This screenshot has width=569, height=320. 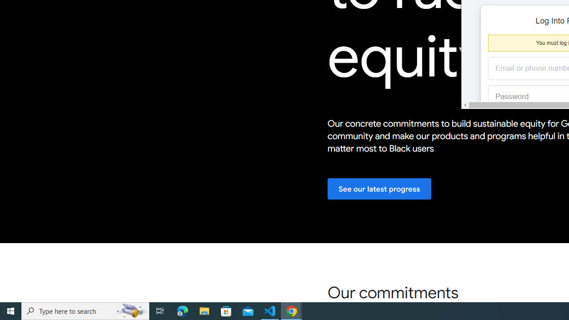 I want to click on 'Google Chrome - 3 running windows', so click(x=292, y=310).